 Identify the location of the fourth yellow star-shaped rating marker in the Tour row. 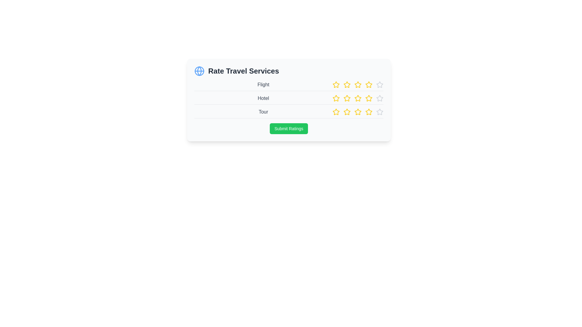
(336, 112).